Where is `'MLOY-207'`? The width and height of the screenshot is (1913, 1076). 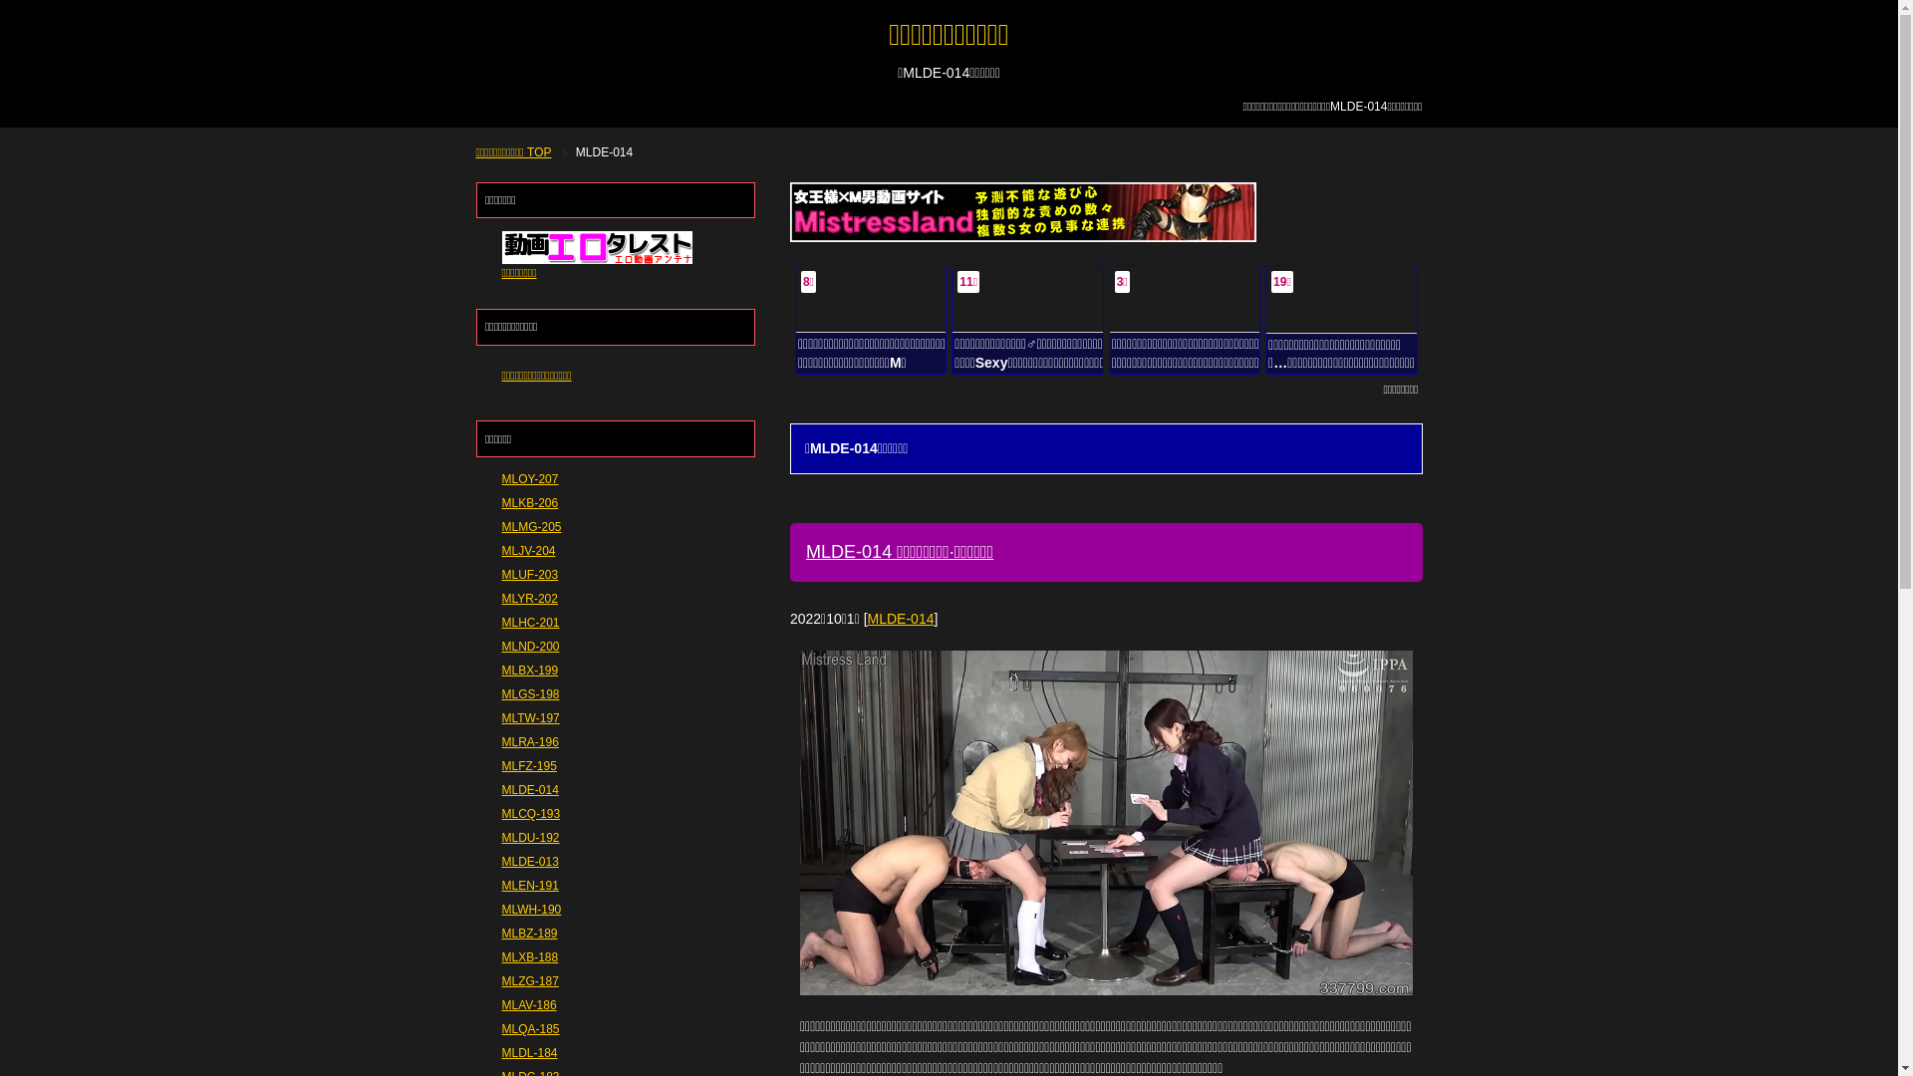
'MLOY-207' is located at coordinates (502, 479).